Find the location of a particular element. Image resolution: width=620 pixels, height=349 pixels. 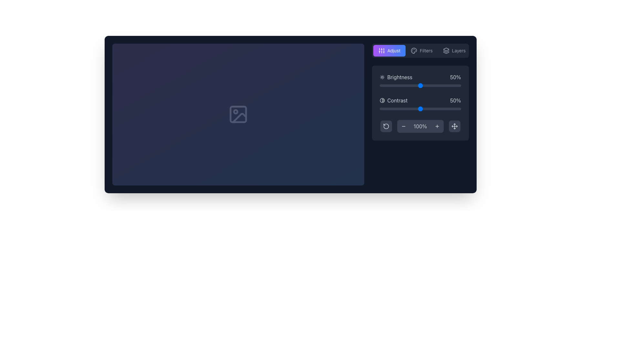

the contrast value is located at coordinates (388, 108).